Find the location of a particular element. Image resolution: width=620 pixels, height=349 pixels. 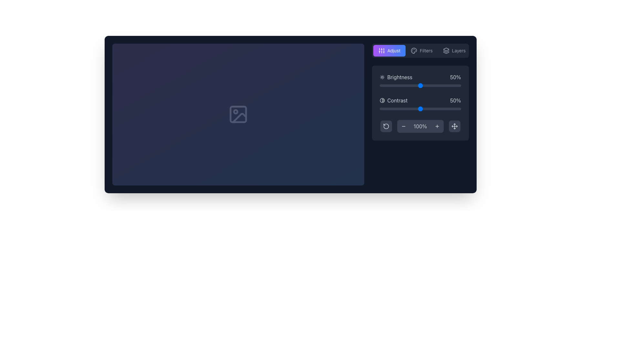

the contrast value is located at coordinates (388, 108).